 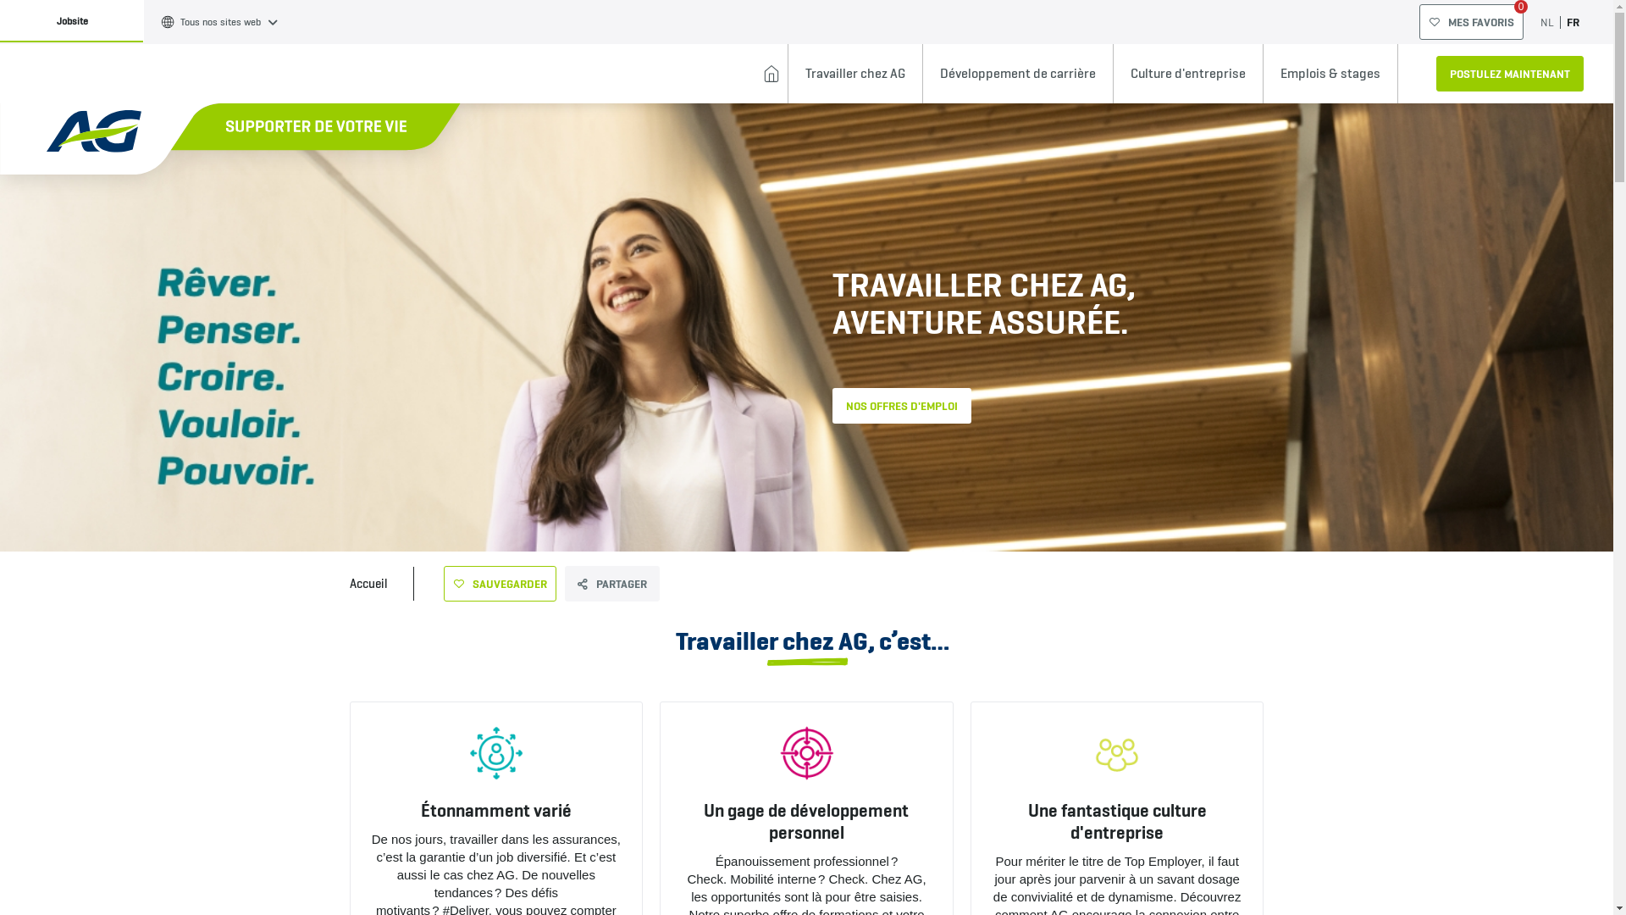 What do you see at coordinates (900, 405) in the screenshot?
I see `'NOS OFFRES D'EMPLOI'` at bounding box center [900, 405].